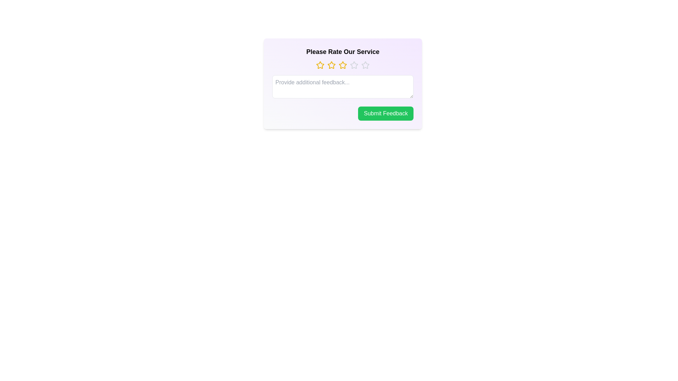 The width and height of the screenshot is (678, 381). What do you see at coordinates (320, 65) in the screenshot?
I see `the star corresponding to the 1 value to set the rating` at bounding box center [320, 65].